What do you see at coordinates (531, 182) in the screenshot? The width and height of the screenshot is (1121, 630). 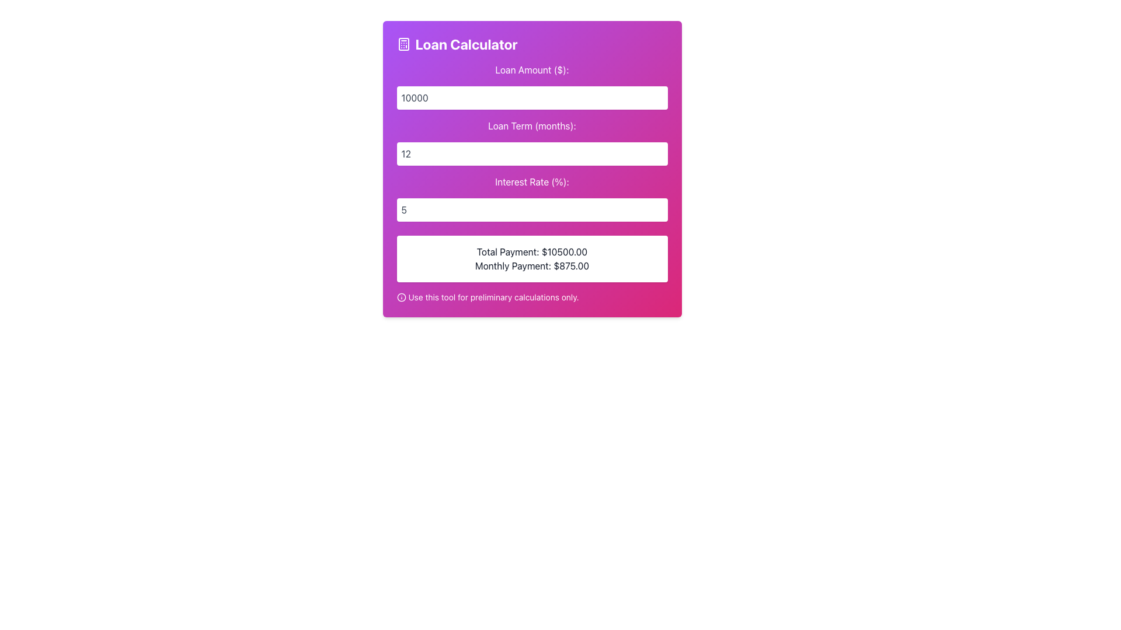 I see `the third label indicating the purpose of the adjacent input field for entering the interest rate as a percentage` at bounding box center [531, 182].